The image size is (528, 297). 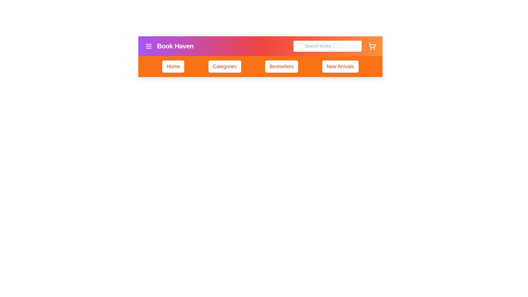 I want to click on the navigation item Categories, so click(x=224, y=66).